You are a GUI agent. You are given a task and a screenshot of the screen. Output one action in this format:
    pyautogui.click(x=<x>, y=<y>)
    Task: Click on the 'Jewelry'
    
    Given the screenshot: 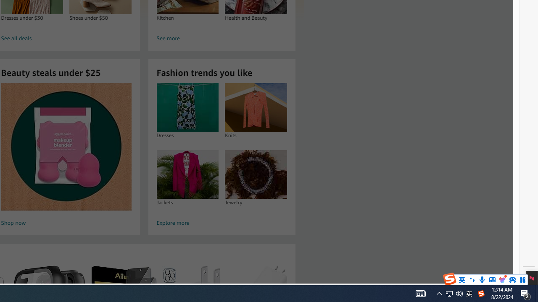 What is the action you would take?
    pyautogui.click(x=256, y=174)
    